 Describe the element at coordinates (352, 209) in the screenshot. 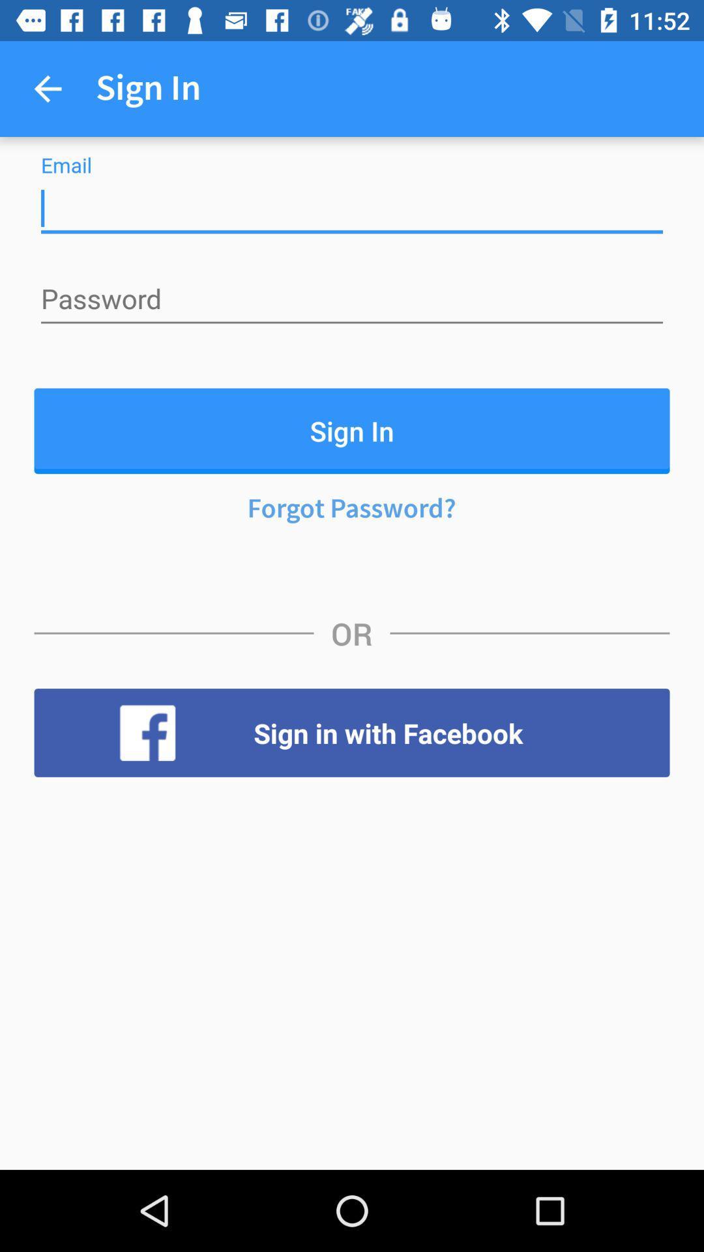

I see `email option` at that location.